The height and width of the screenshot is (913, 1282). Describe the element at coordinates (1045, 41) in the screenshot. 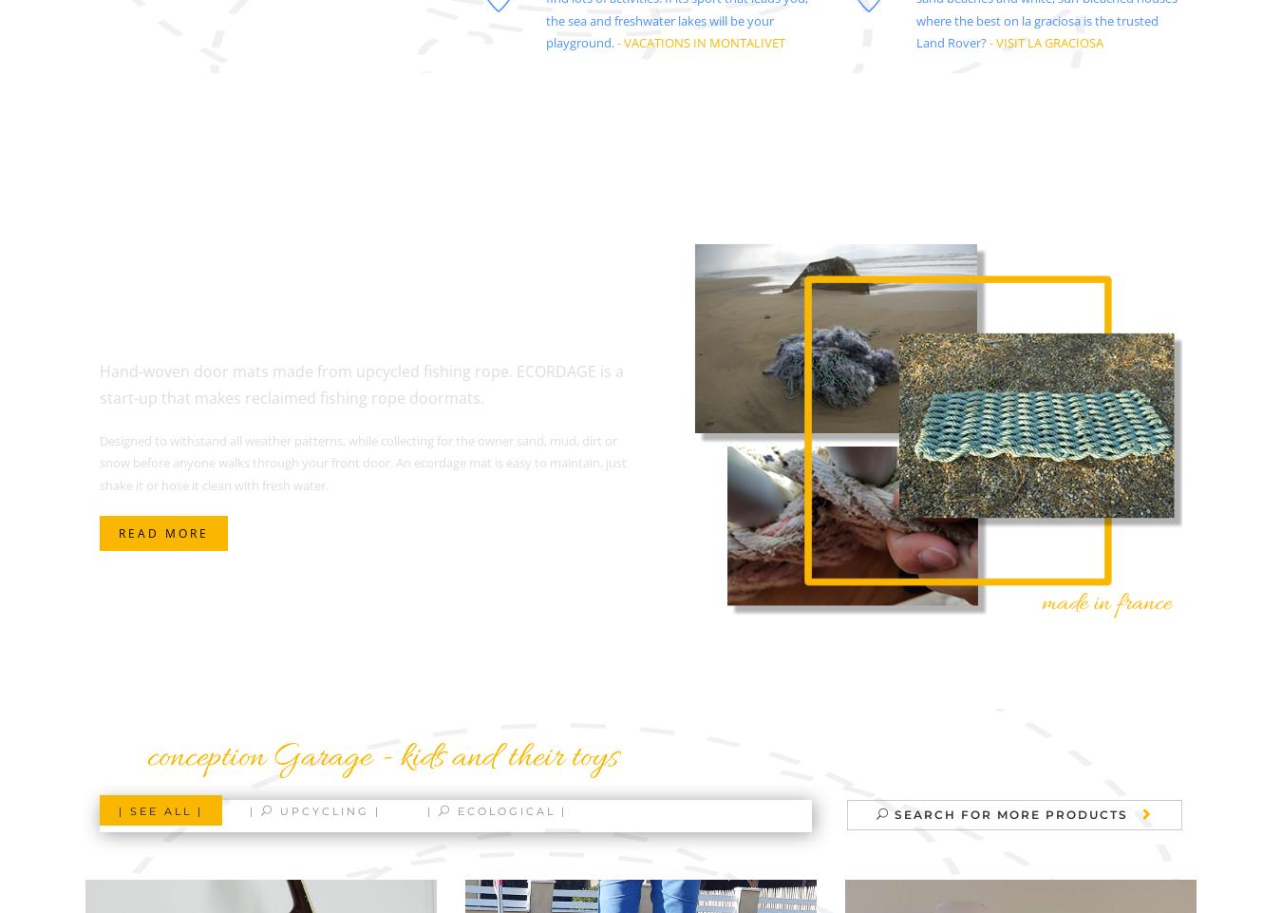

I see `'- VISIT LA GRACIOSA'` at that location.